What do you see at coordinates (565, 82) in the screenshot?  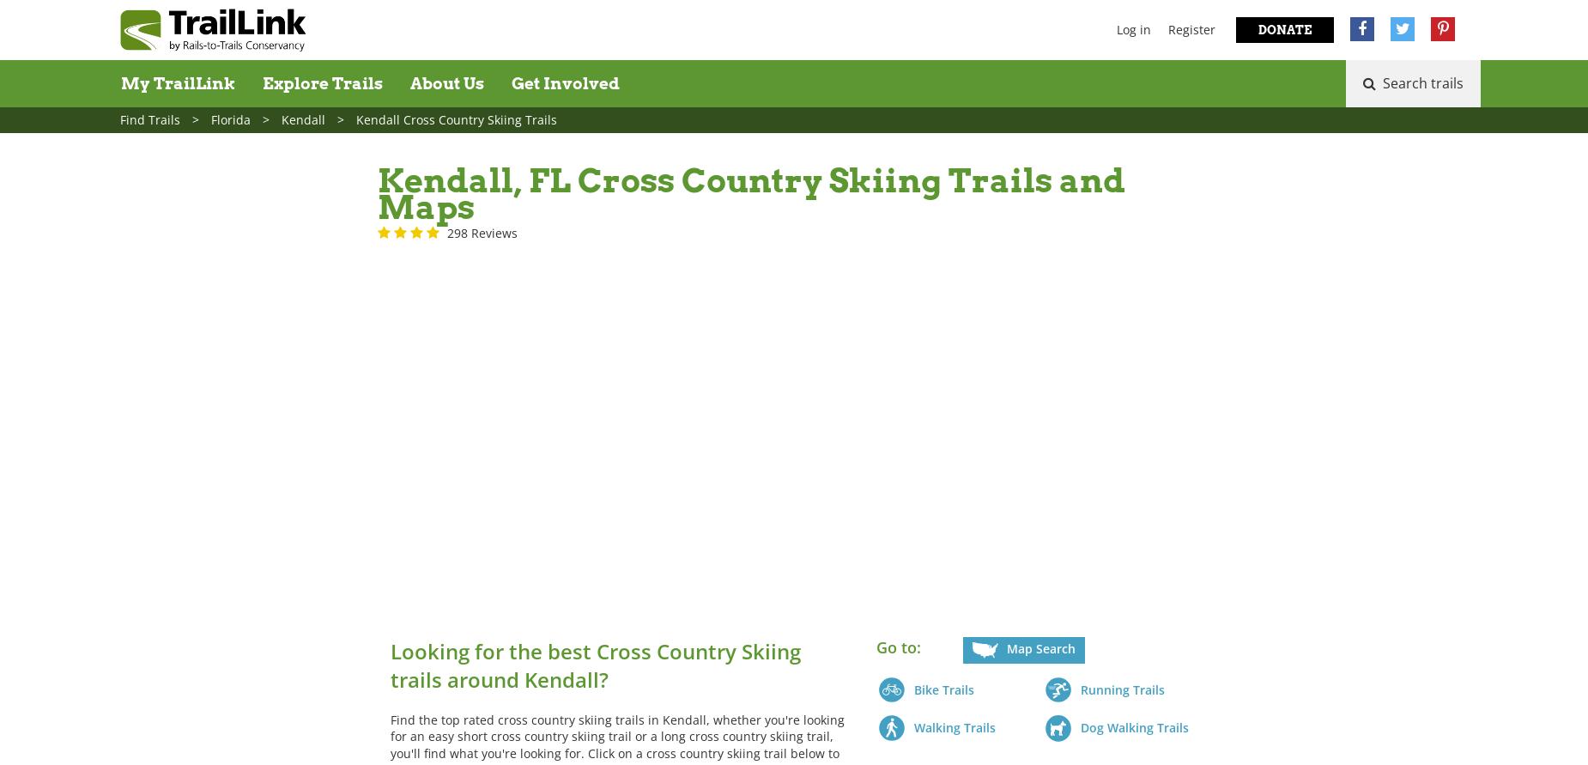 I see `'Get Involved'` at bounding box center [565, 82].